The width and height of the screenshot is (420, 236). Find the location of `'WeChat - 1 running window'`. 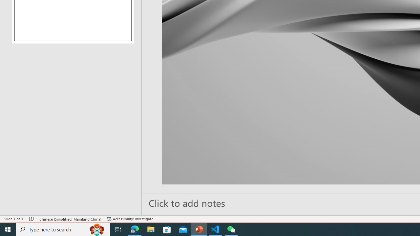

'WeChat - 1 running window' is located at coordinates (231, 229).